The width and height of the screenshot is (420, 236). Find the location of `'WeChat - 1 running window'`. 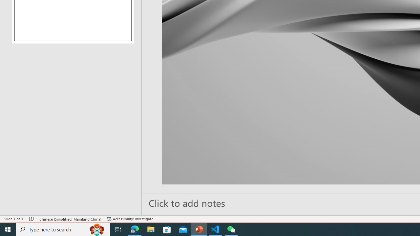

'WeChat - 1 running window' is located at coordinates (231, 229).